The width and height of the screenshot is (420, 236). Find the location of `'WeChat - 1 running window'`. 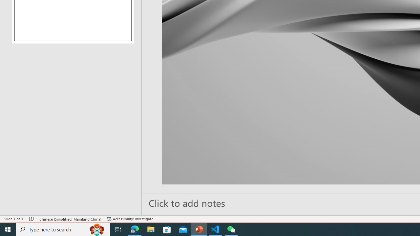

'WeChat - 1 running window' is located at coordinates (231, 229).